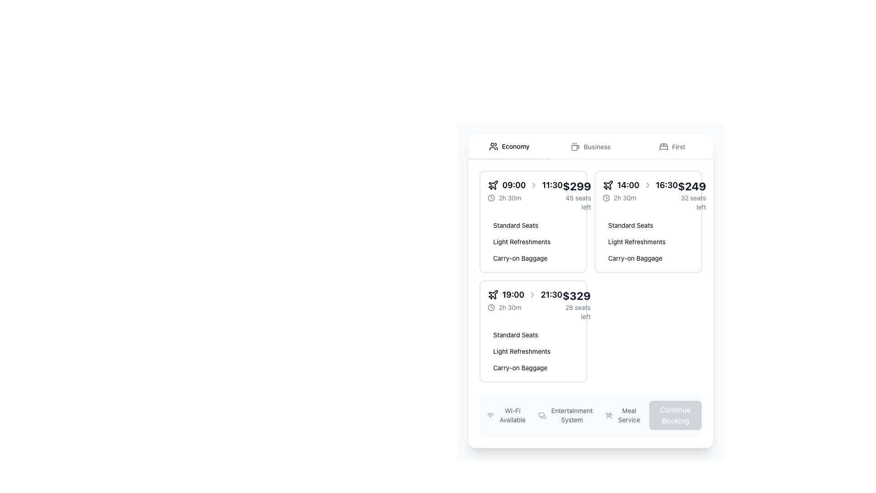  I want to click on the Wi-Fi services availability label located at the bottom of the card-like section, first in the horizontal row after the icon, so click(512, 415).